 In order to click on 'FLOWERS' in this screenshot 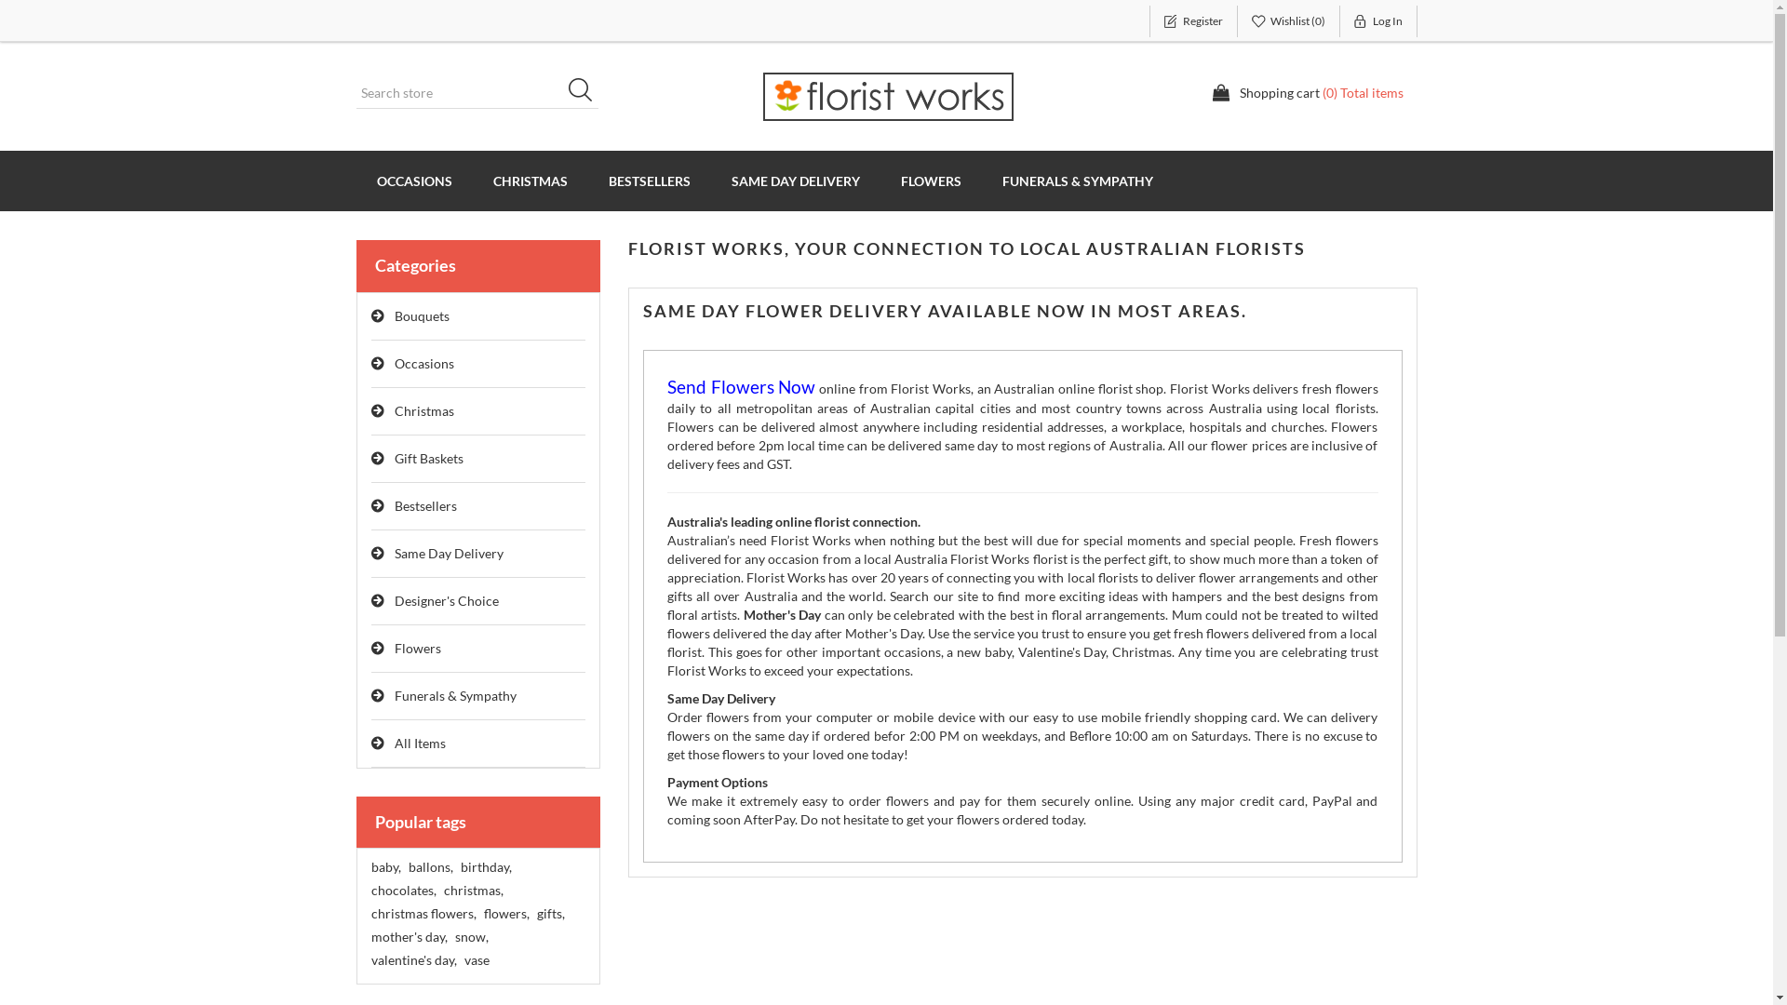, I will do `click(879, 181)`.